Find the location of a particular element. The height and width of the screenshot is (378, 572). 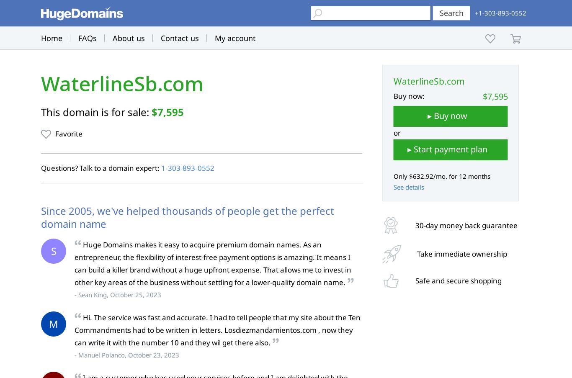

'1‑303‑893‑0552' is located at coordinates (187, 167).